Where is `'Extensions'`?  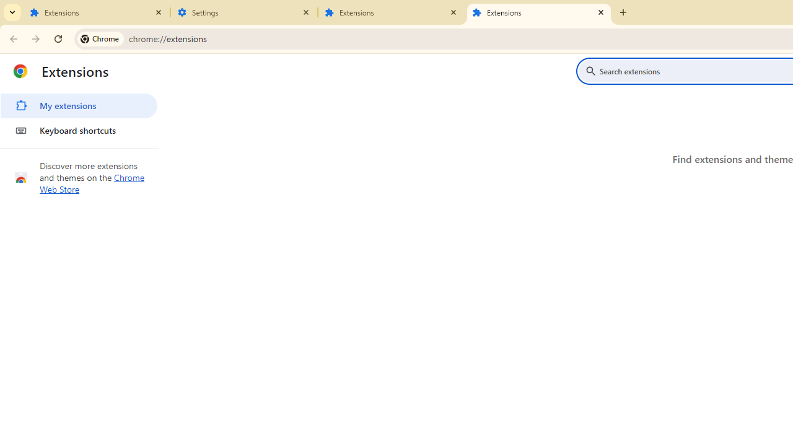
'Extensions' is located at coordinates (96, 12).